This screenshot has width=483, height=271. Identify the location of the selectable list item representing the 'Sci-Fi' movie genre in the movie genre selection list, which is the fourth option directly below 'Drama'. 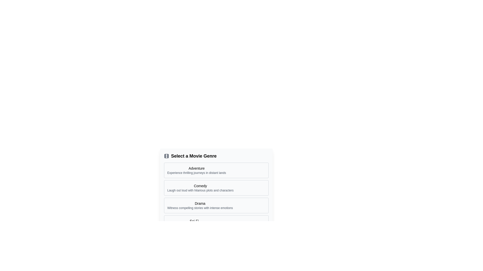
(194, 223).